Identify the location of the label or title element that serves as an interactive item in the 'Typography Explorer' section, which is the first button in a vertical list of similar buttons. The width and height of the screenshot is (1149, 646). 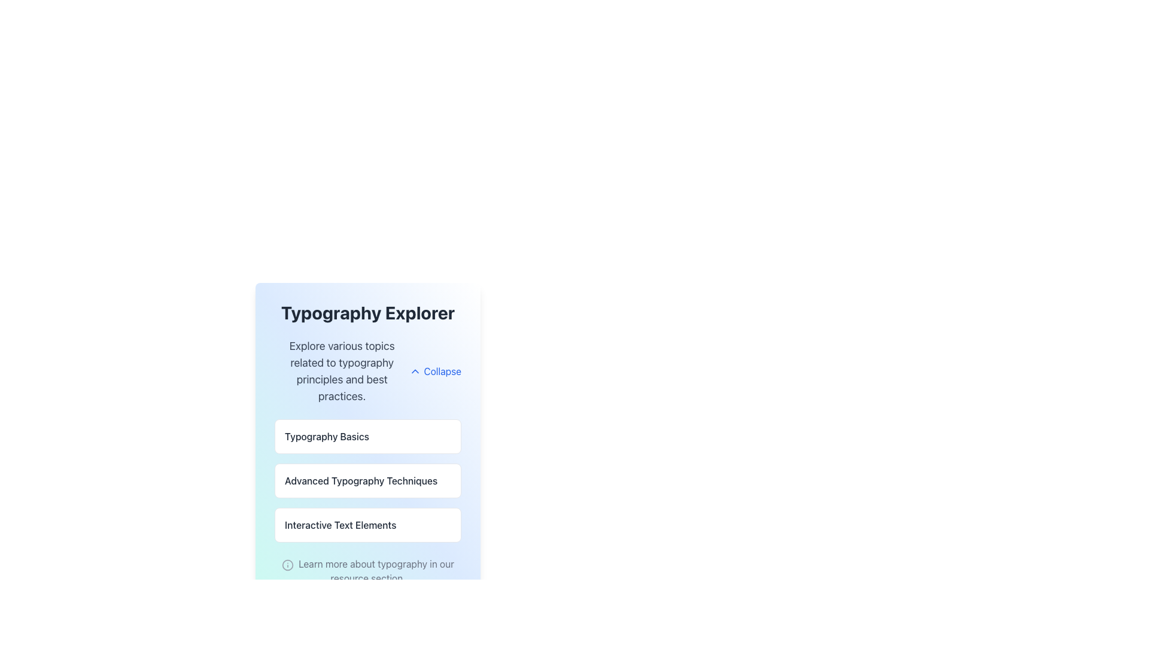
(367, 436).